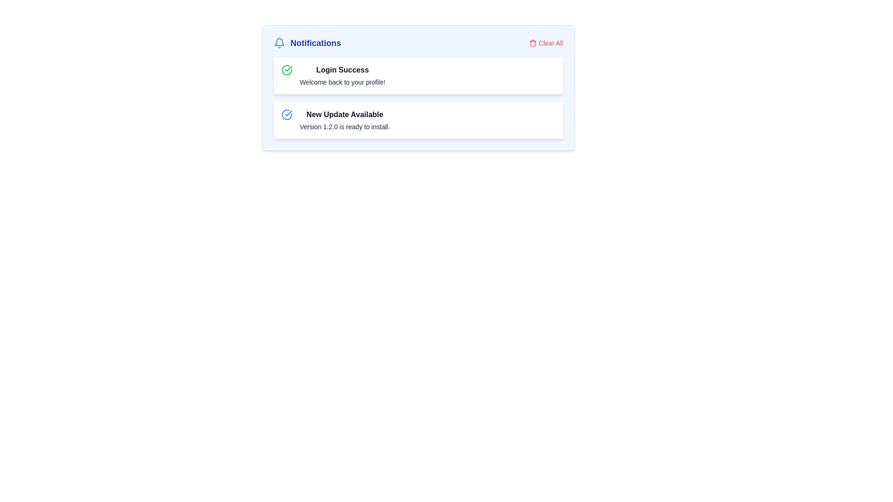  What do you see at coordinates (286, 69) in the screenshot?
I see `the leftmost circular SVG graphic with a green outline in the 'Login Success' notification under the 'Notifications' section` at bounding box center [286, 69].